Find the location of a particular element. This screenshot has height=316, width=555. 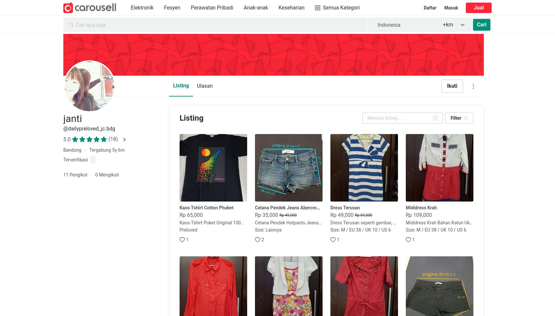

'Keseharian' is located at coordinates (291, 8).